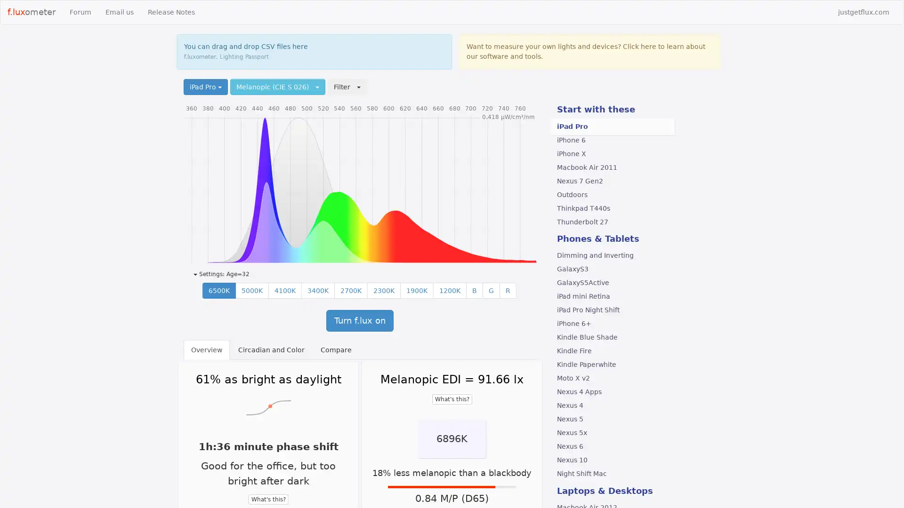  Describe the element at coordinates (359, 320) in the screenshot. I see `Turn f.lux on` at that location.